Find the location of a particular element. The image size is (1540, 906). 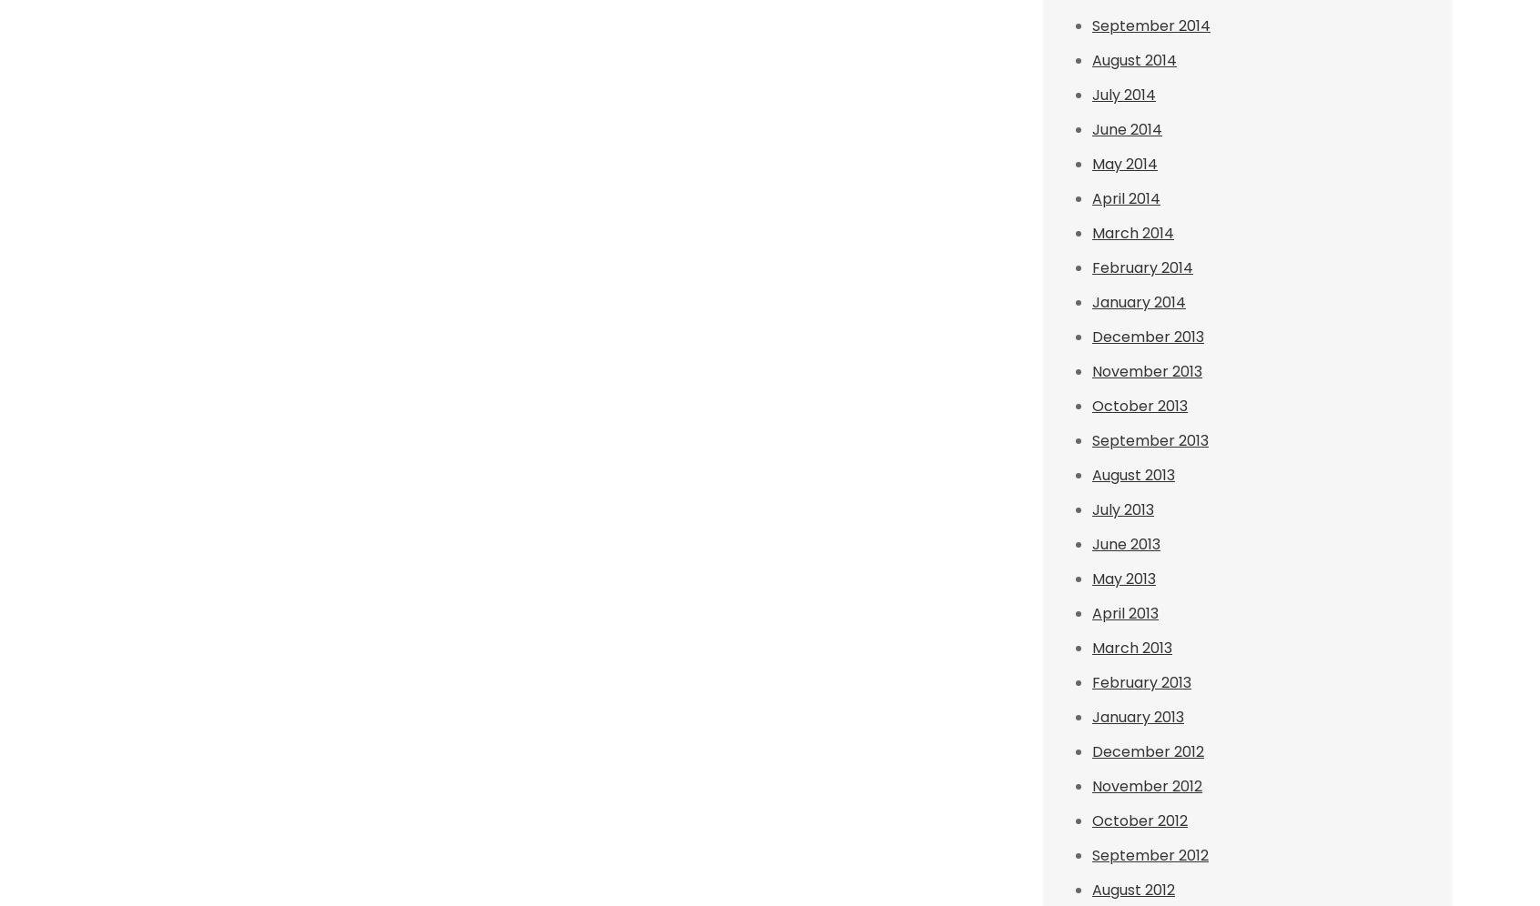

'February 2014' is located at coordinates (1142, 267).